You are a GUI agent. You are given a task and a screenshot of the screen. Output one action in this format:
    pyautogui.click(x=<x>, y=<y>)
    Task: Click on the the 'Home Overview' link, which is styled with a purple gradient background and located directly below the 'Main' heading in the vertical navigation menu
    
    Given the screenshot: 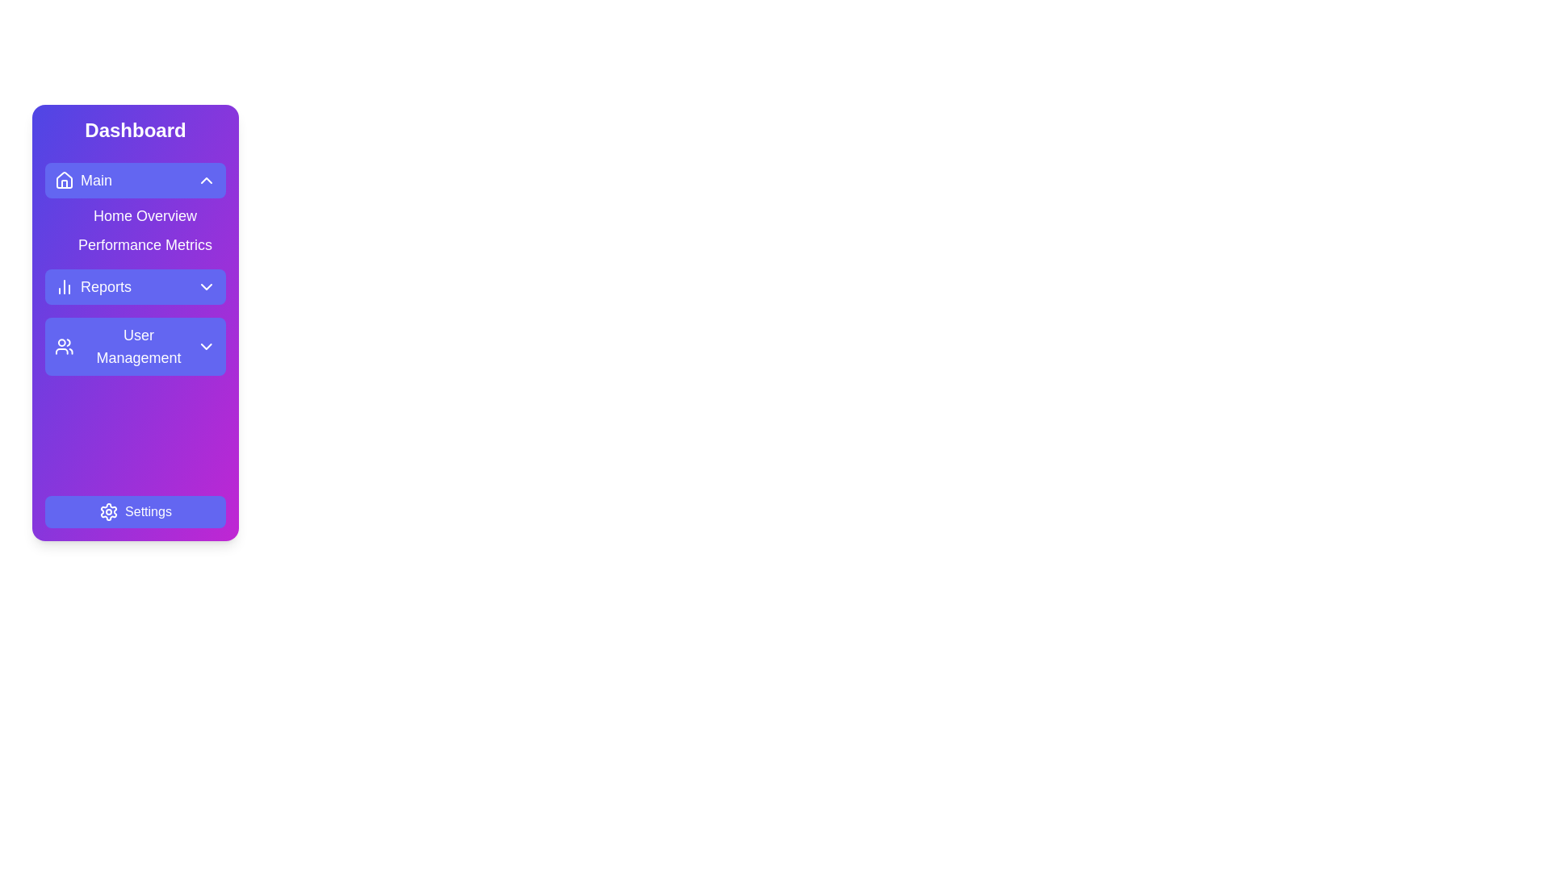 What is the action you would take?
    pyautogui.click(x=136, y=208)
    